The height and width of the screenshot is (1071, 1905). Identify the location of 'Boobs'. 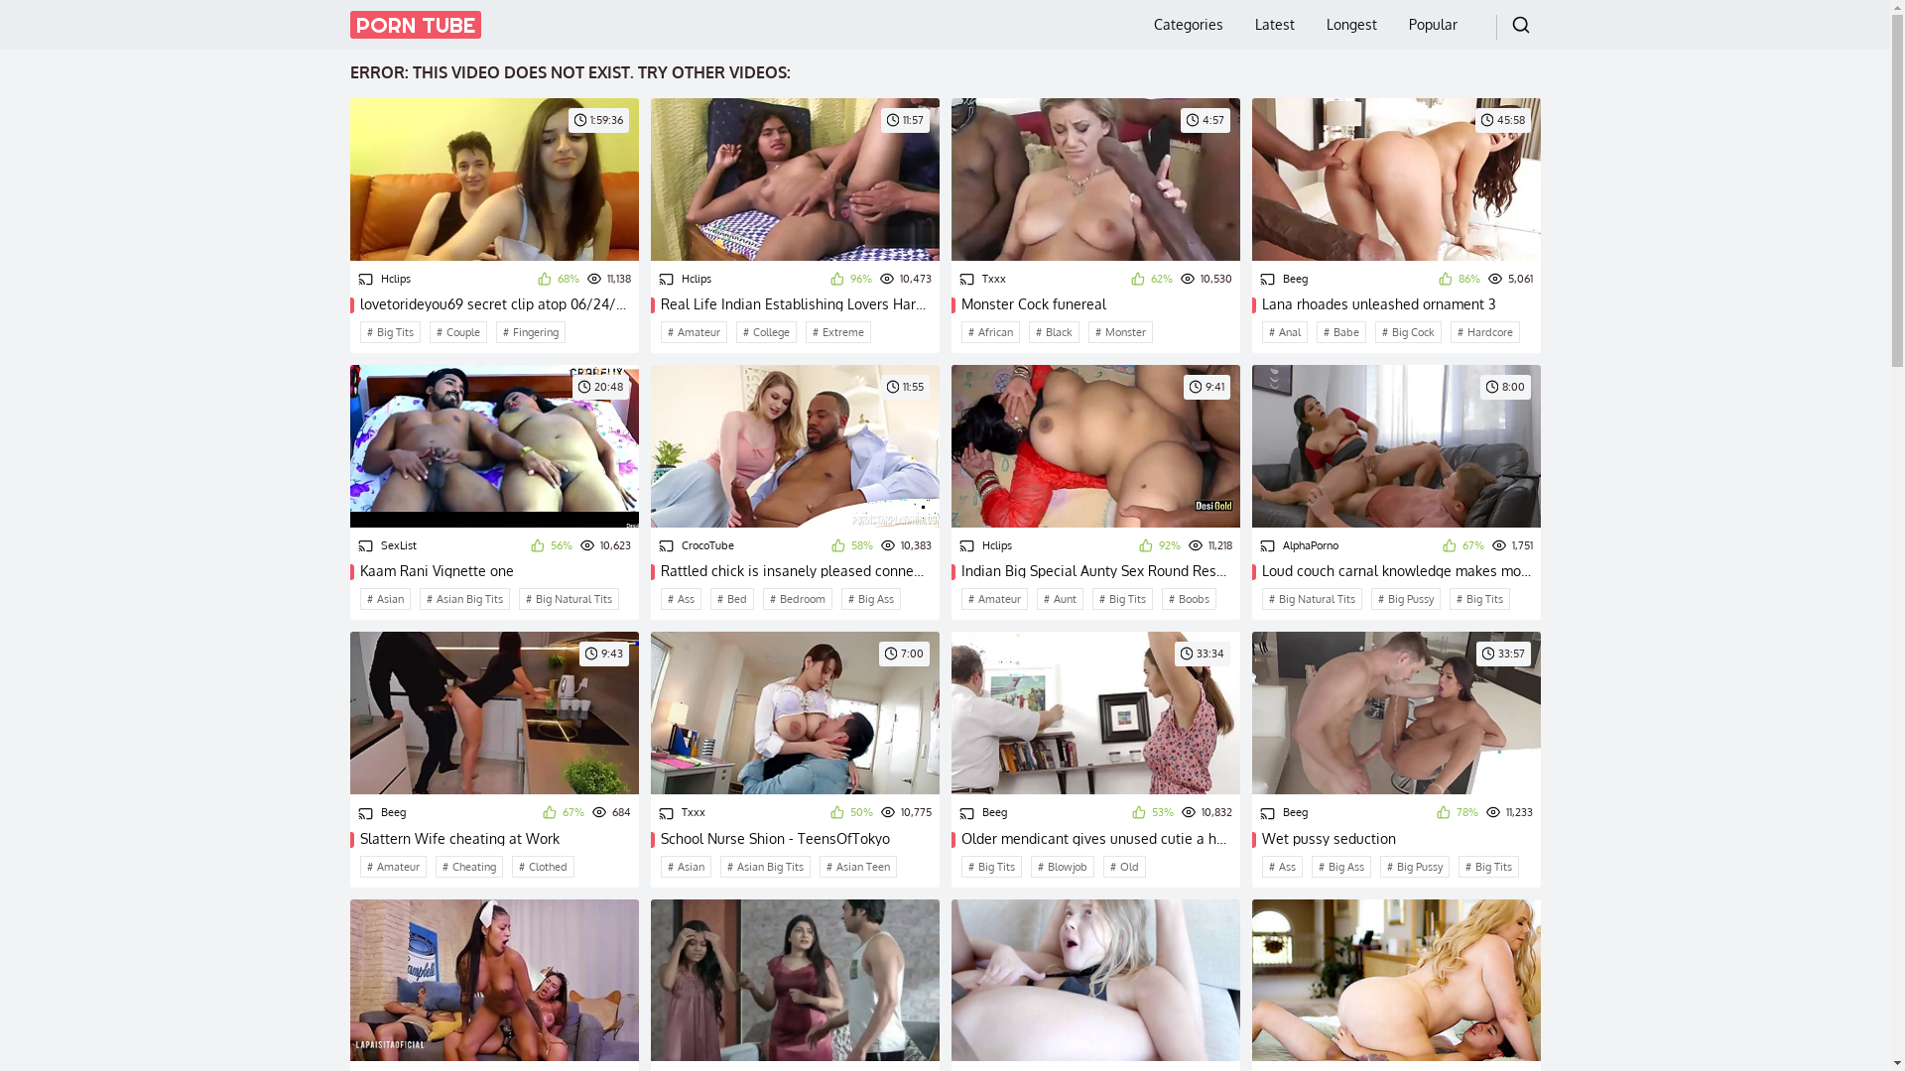
(1188, 598).